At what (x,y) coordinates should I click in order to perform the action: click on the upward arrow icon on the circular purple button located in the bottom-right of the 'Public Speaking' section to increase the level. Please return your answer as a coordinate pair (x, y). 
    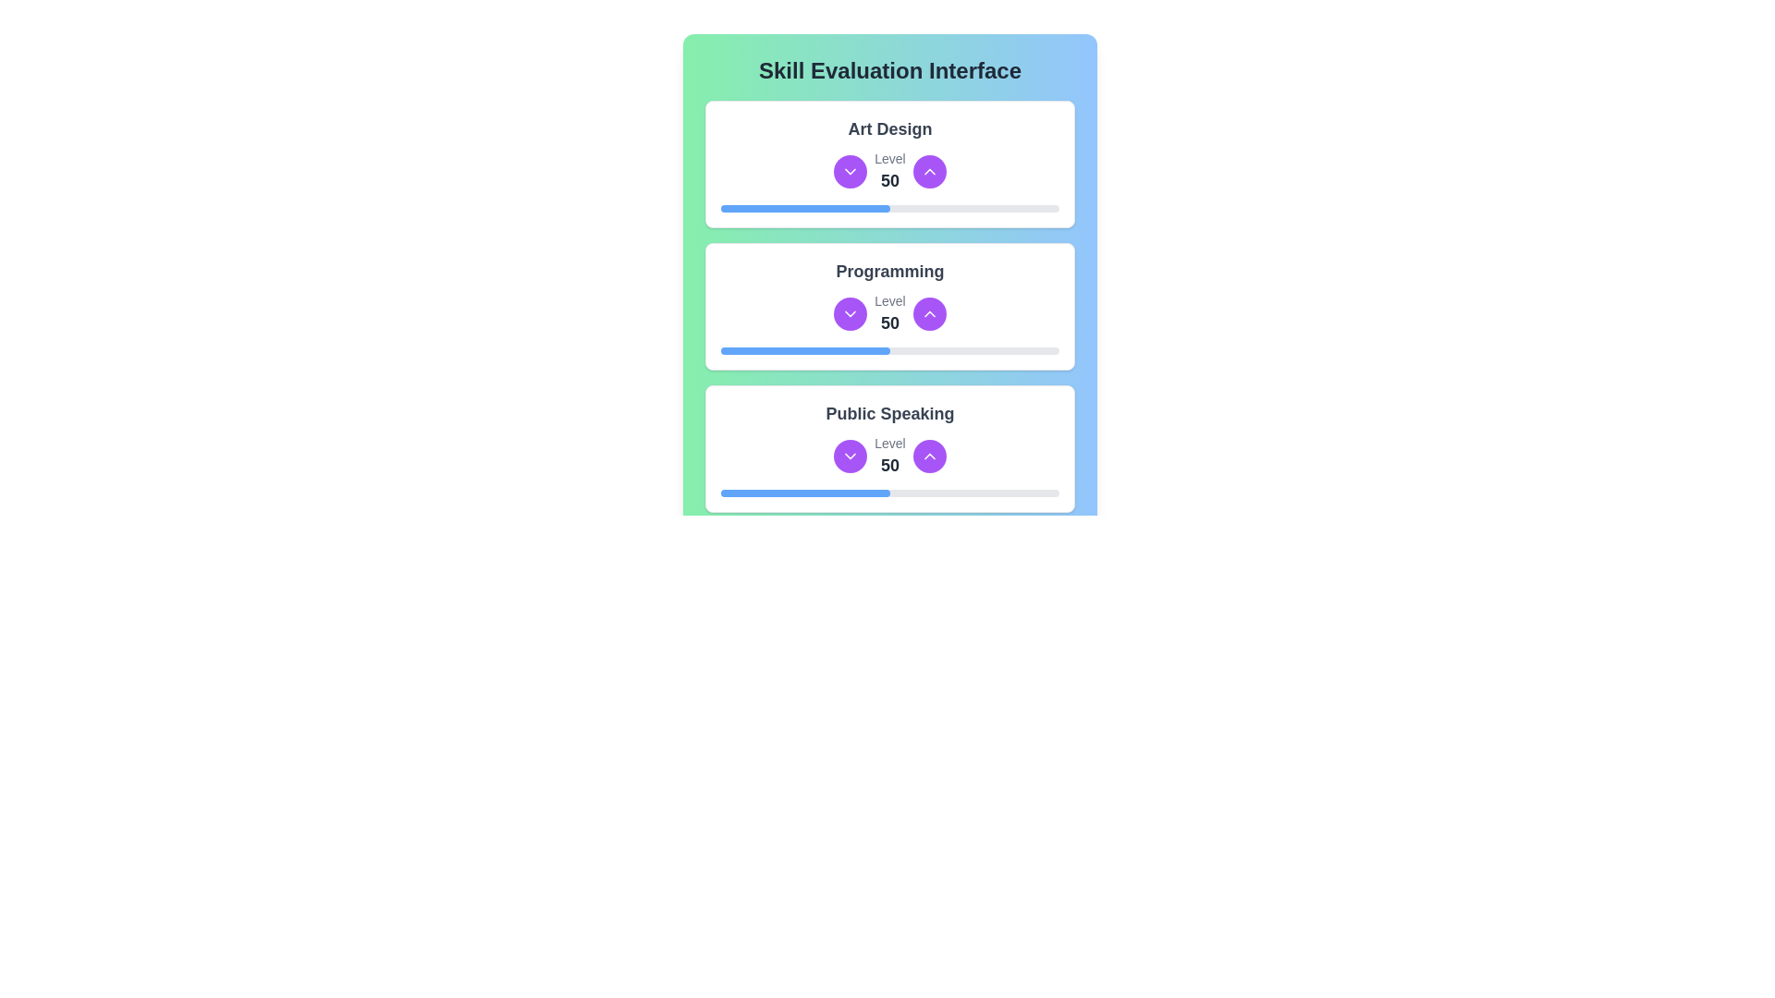
    Looking at the image, I should click on (929, 456).